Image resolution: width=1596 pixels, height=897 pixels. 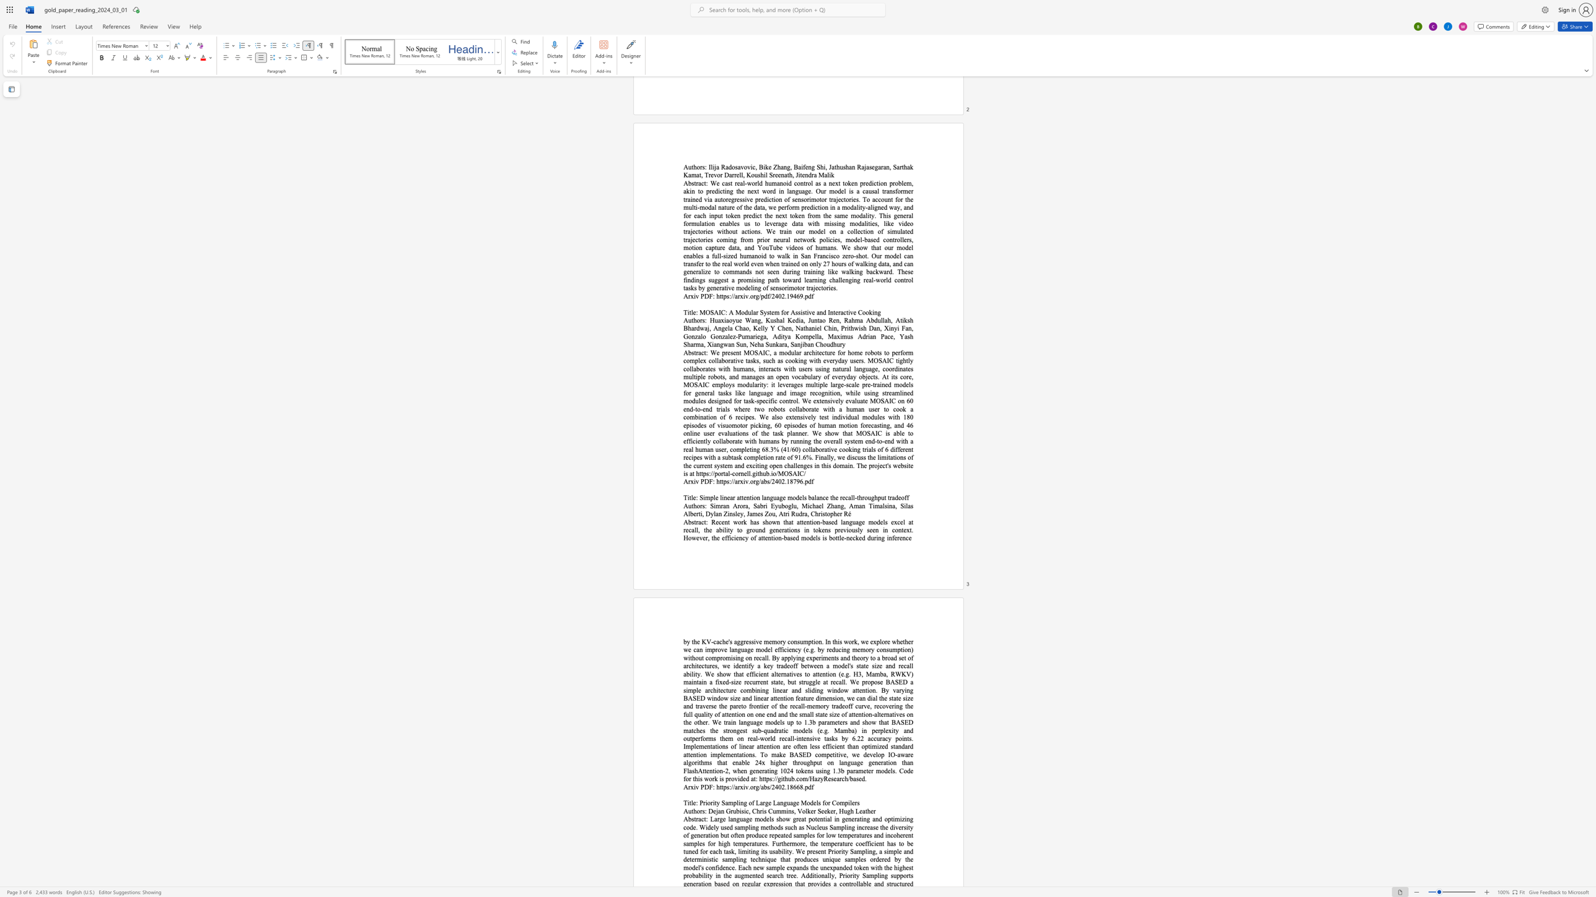 What do you see at coordinates (905, 498) in the screenshot?
I see `the 1th character "f" in the text` at bounding box center [905, 498].